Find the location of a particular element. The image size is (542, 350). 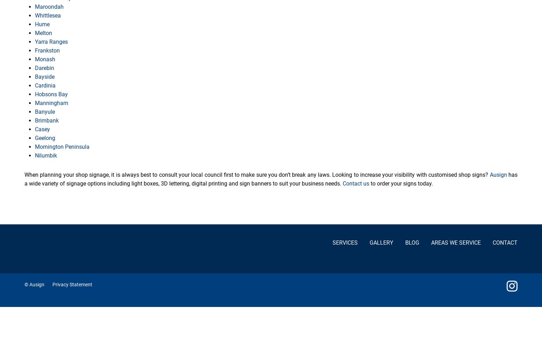

'Services' is located at coordinates (344, 242).